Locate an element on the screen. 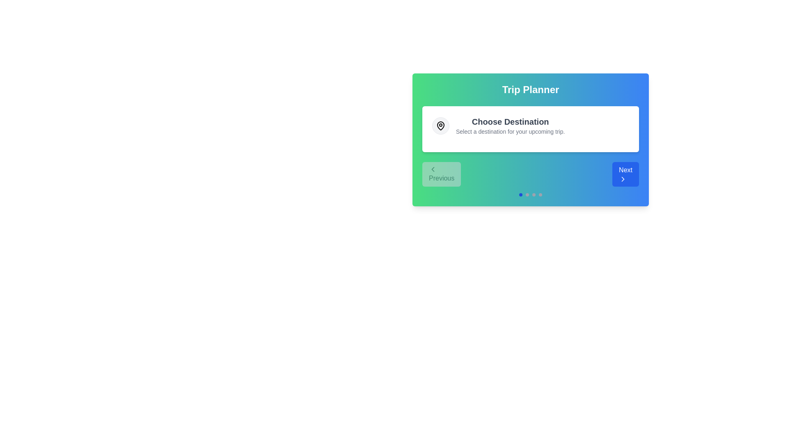 The width and height of the screenshot is (788, 443). the current step by focusing on the pagination indicator, which consists of a row of circular indicators at the bottom center of the 'Trip Planner' card interface is located at coordinates (530, 194).